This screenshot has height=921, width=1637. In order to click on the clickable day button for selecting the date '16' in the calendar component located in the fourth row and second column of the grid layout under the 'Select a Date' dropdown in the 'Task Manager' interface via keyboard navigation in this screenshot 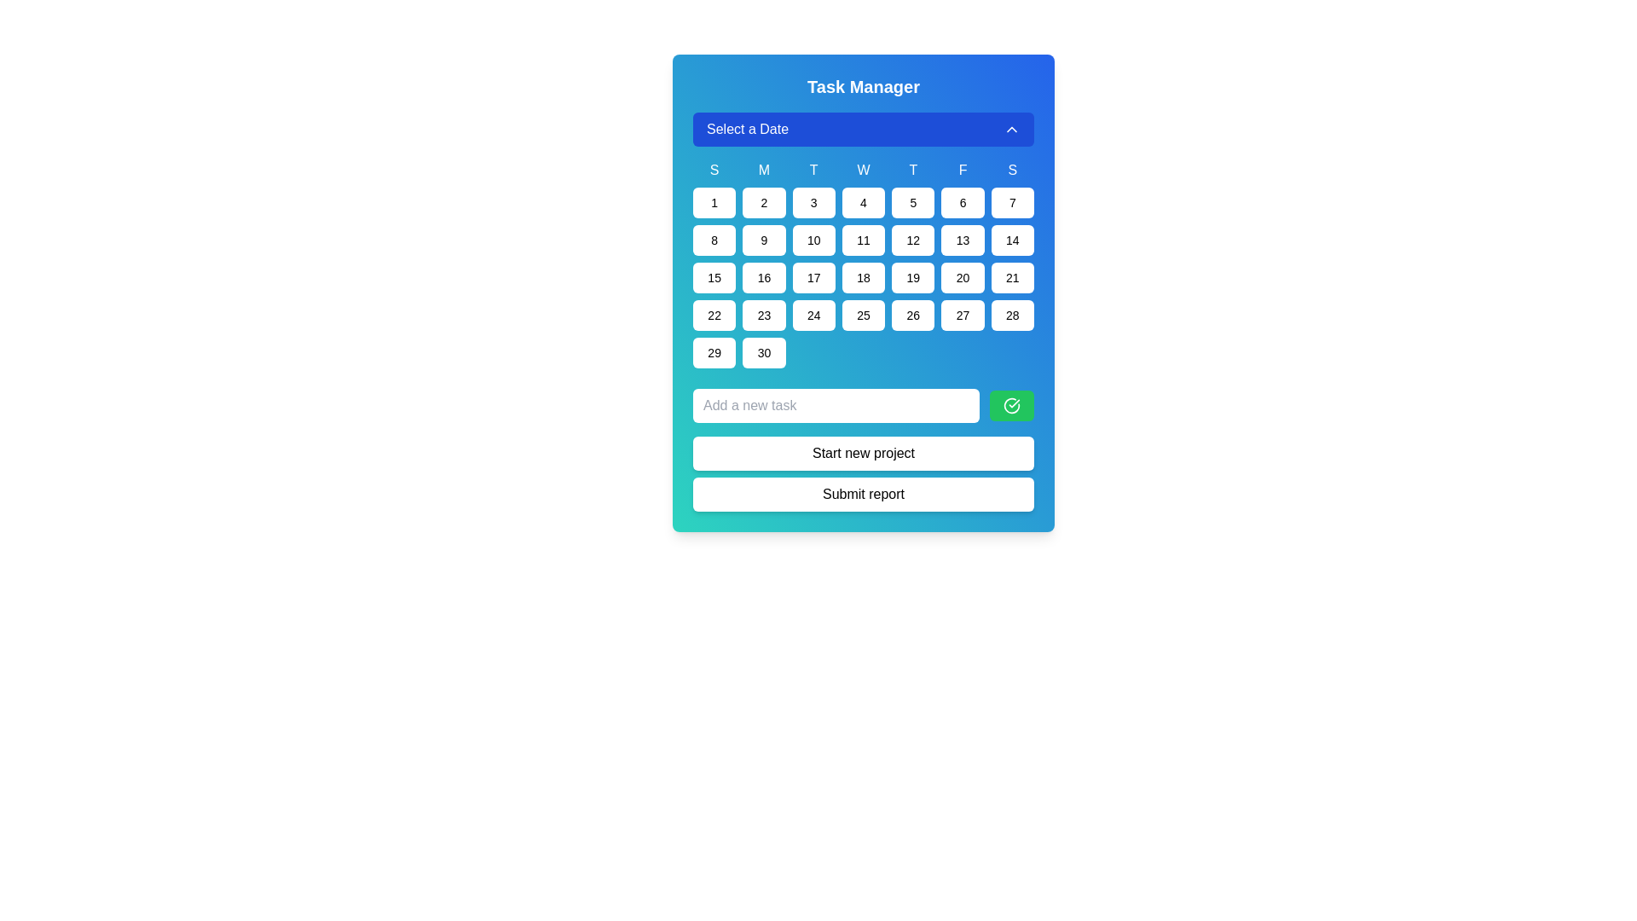, I will do `click(763, 277)`.